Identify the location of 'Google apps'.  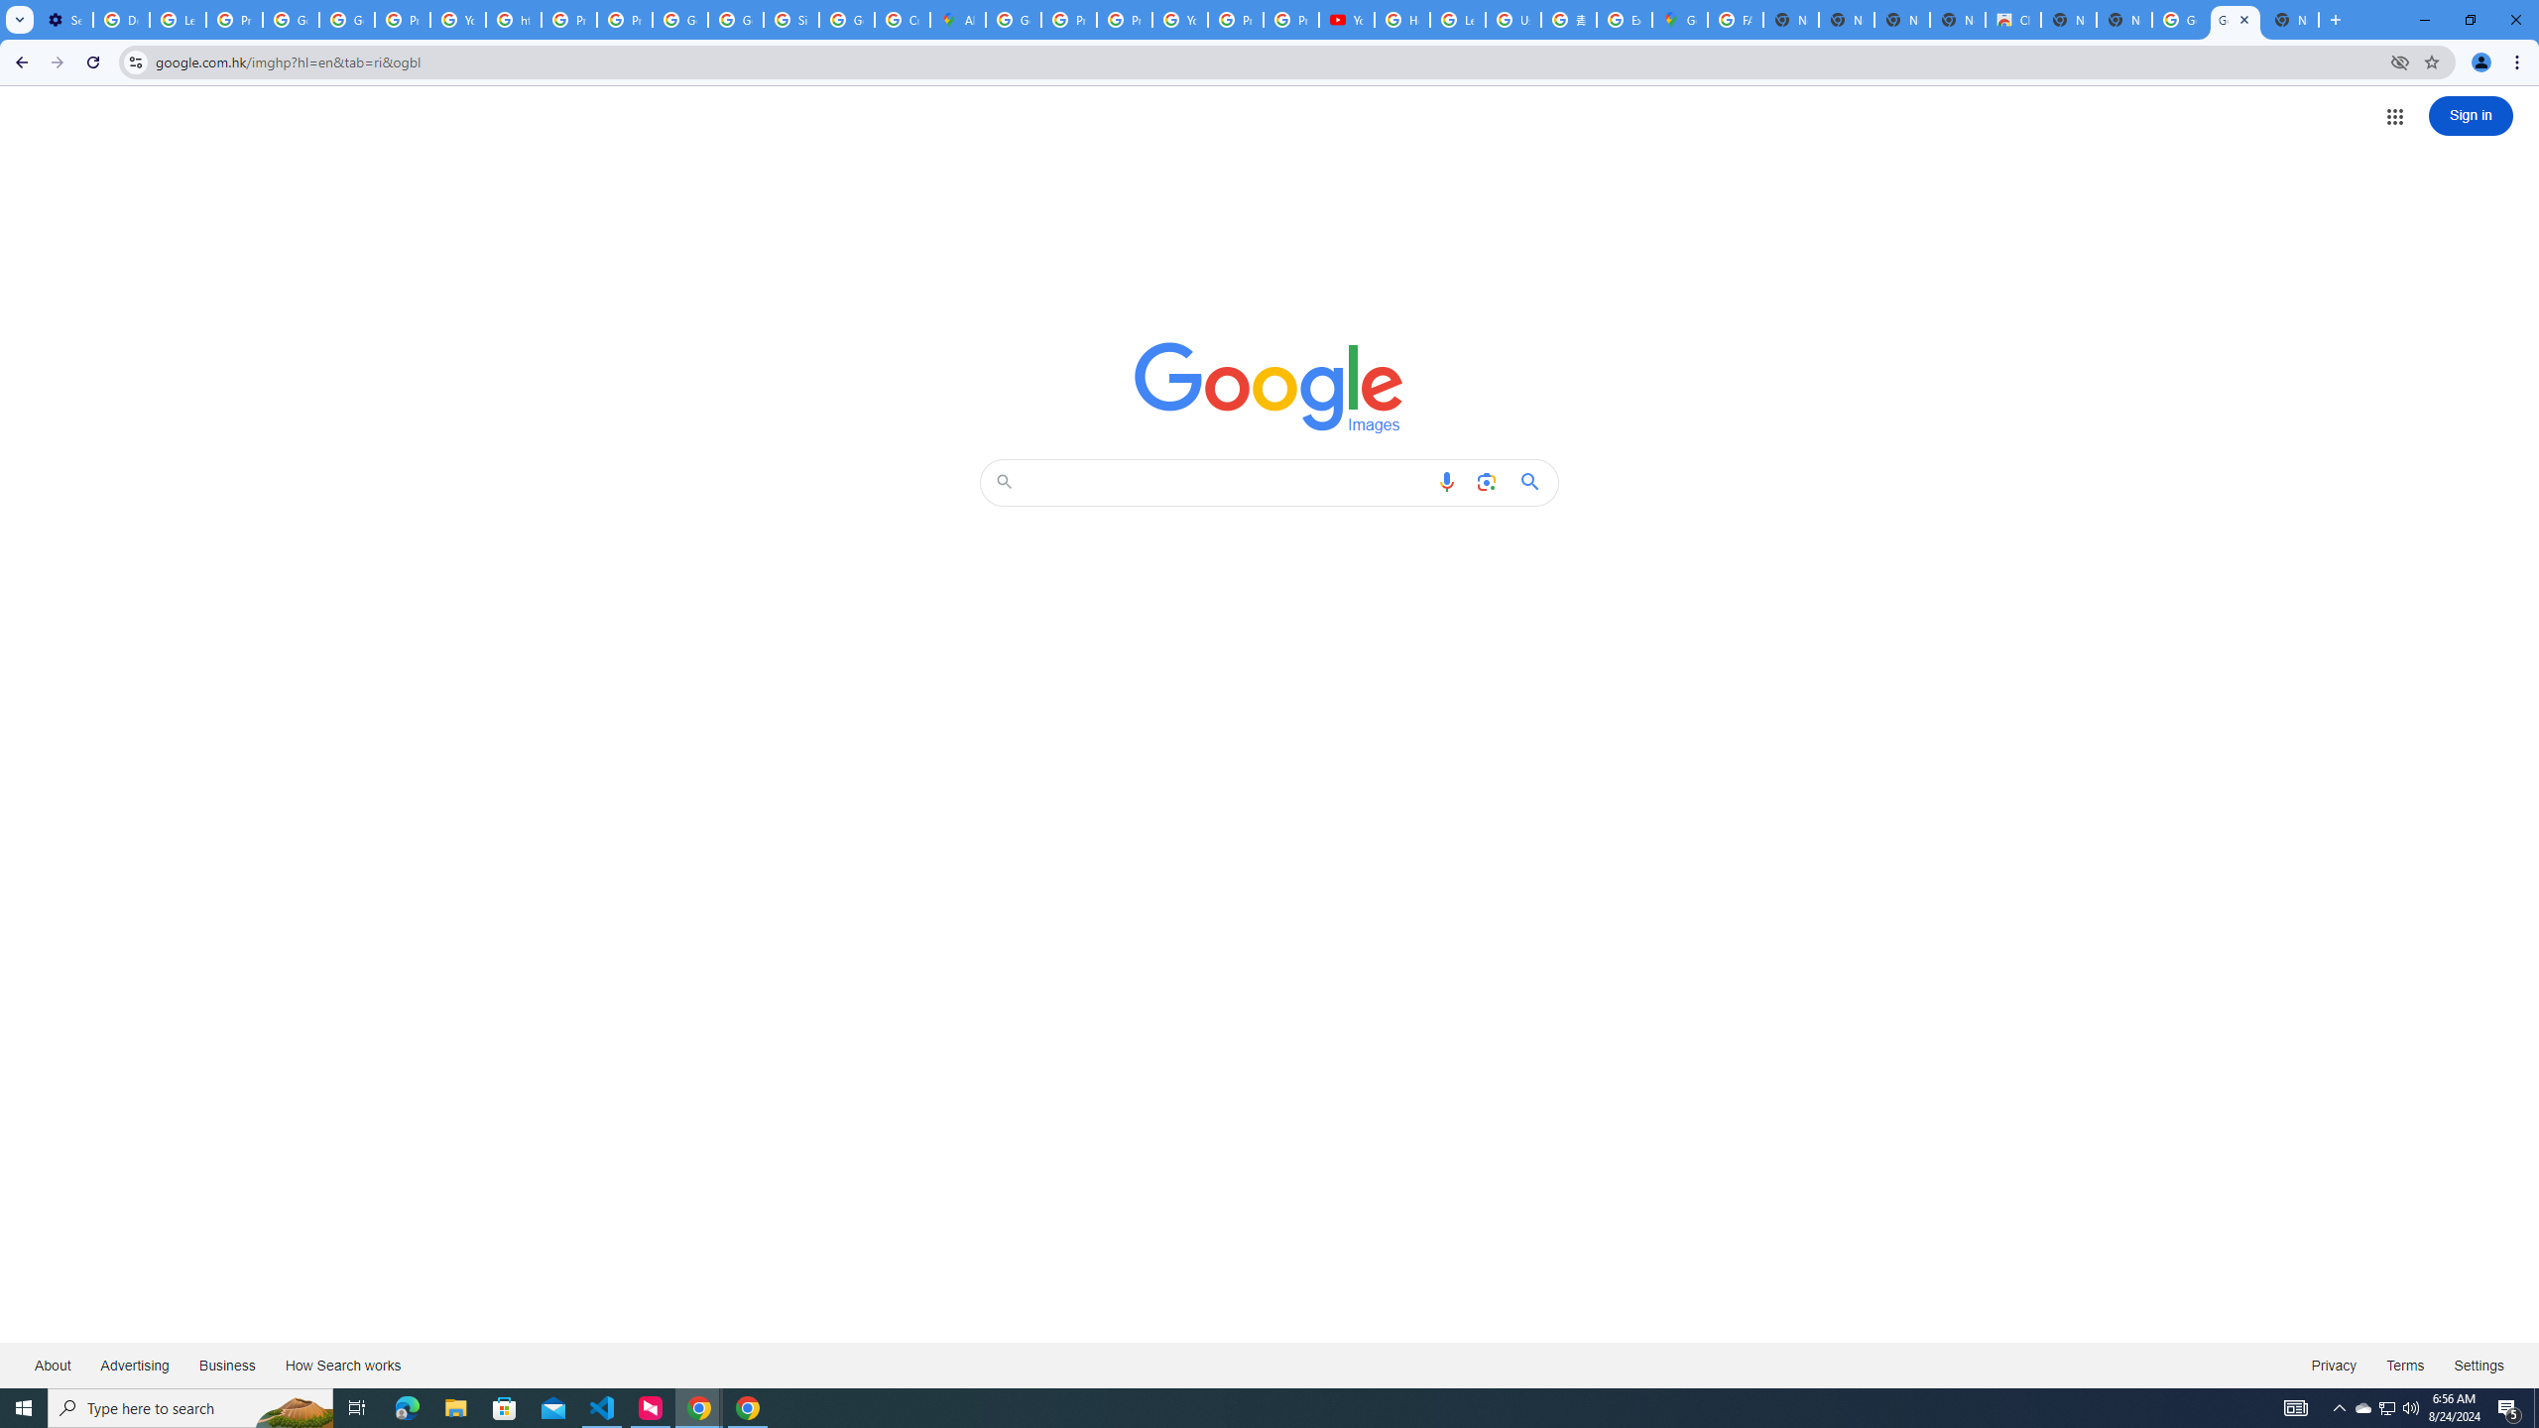
(2394, 115).